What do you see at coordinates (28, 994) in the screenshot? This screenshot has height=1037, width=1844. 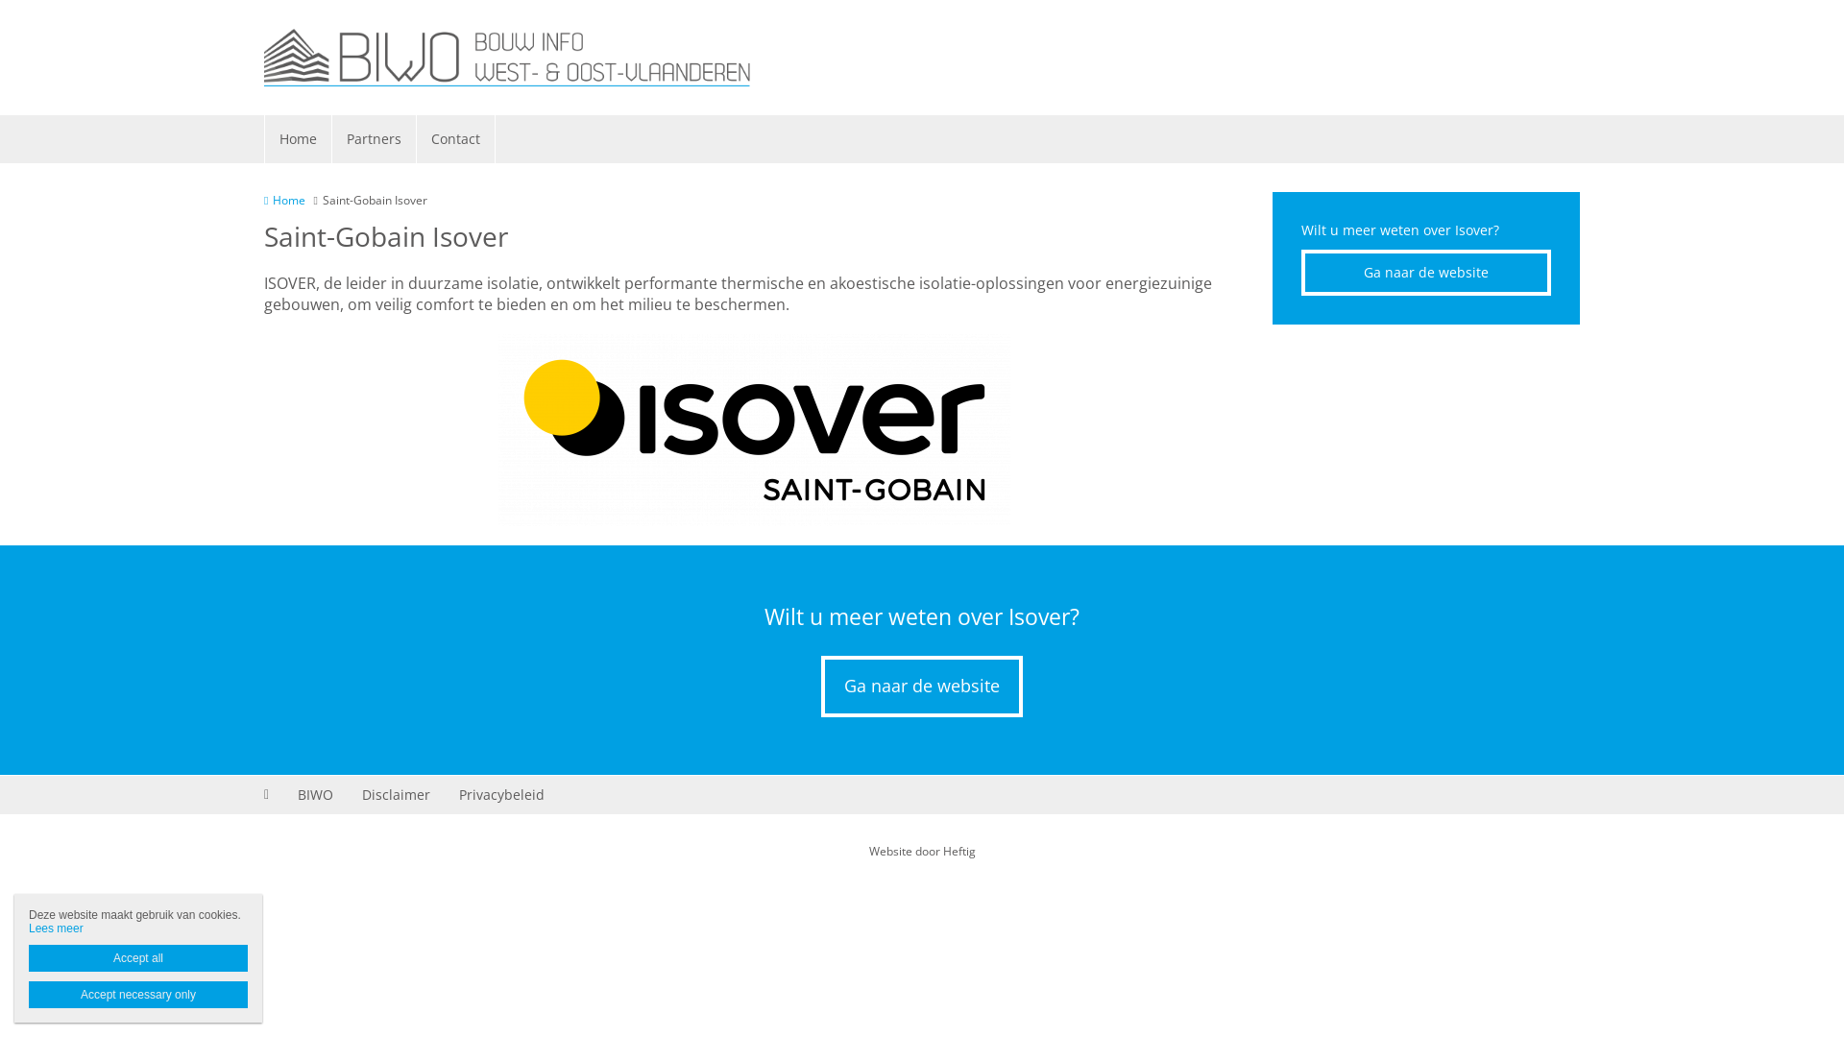 I see `'Accept necessary only'` at bounding box center [28, 994].